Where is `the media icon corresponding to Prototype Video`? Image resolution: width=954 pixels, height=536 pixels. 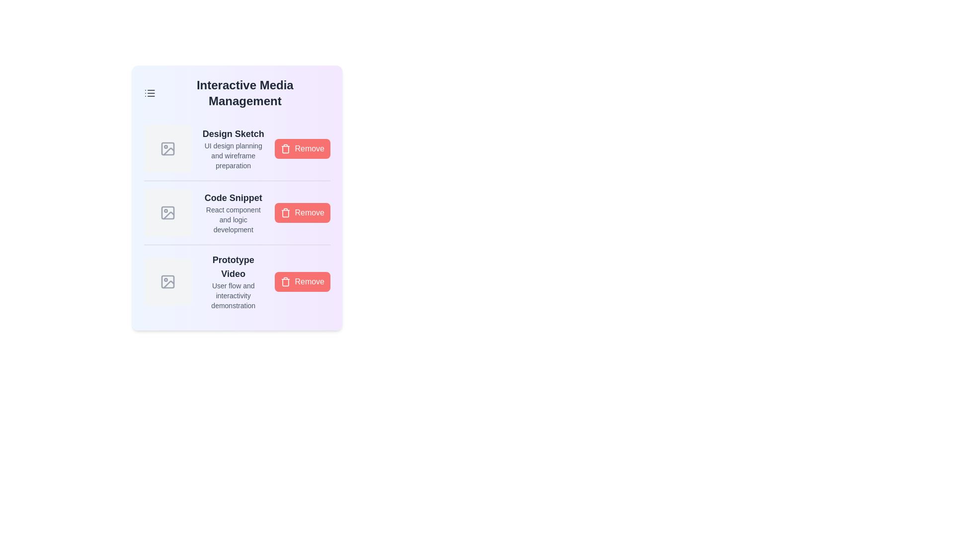 the media icon corresponding to Prototype Video is located at coordinates (167, 281).